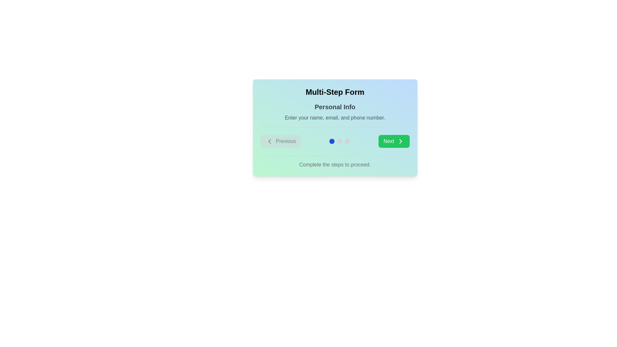 Image resolution: width=617 pixels, height=347 pixels. I want to click on the first blue circular step indicator dot located between the 'Previous' button and the second dot in the series, positioned below the text 'Enter your name, email, and phone number.', so click(332, 141).